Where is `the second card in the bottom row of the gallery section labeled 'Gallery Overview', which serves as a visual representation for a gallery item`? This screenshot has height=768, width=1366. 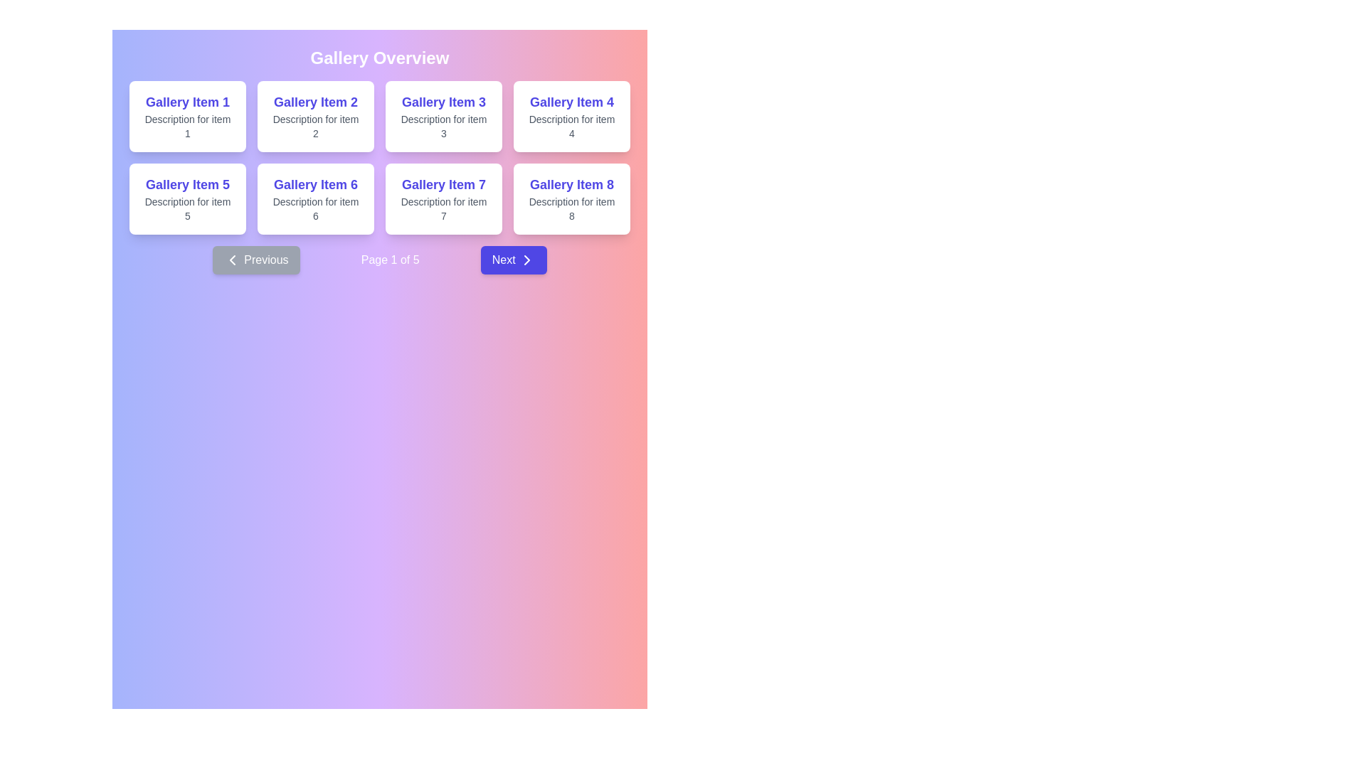 the second card in the bottom row of the gallery section labeled 'Gallery Overview', which serves as a visual representation for a gallery item is located at coordinates (315, 199).